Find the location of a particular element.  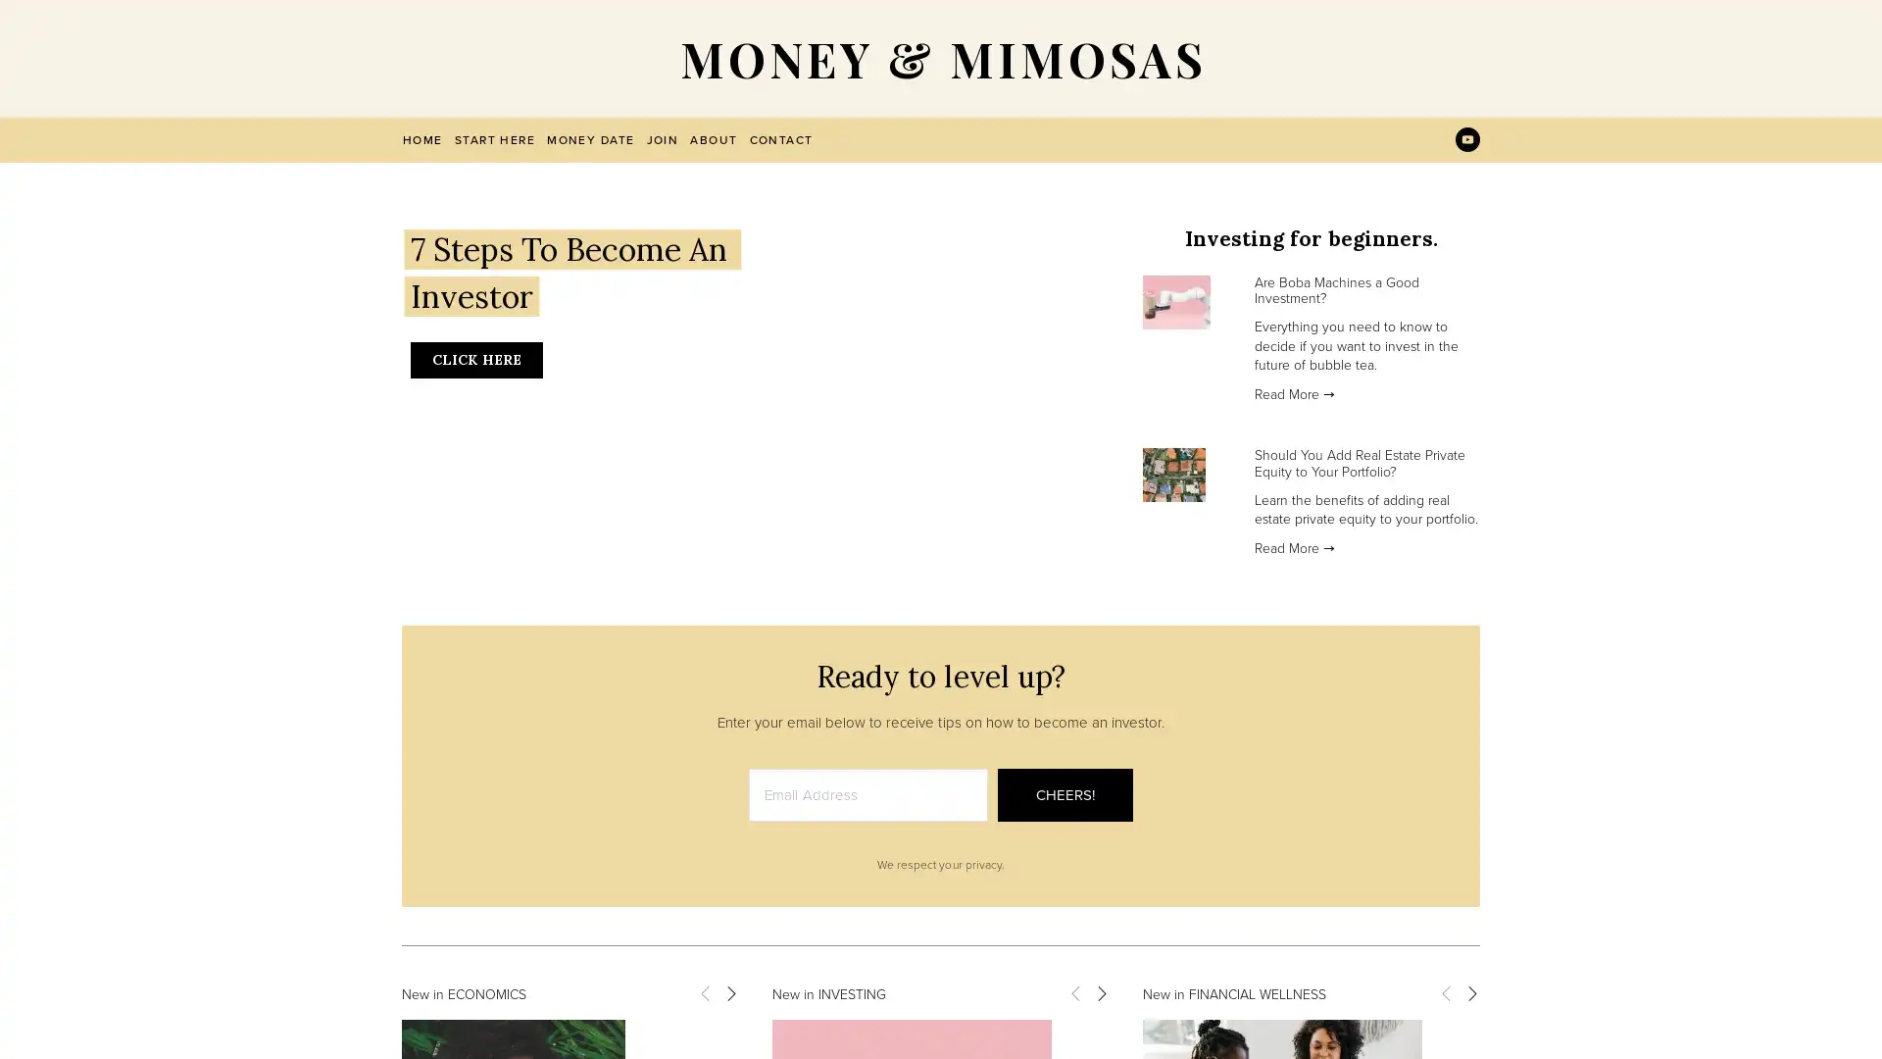

CHEERS! is located at coordinates (1064, 794).